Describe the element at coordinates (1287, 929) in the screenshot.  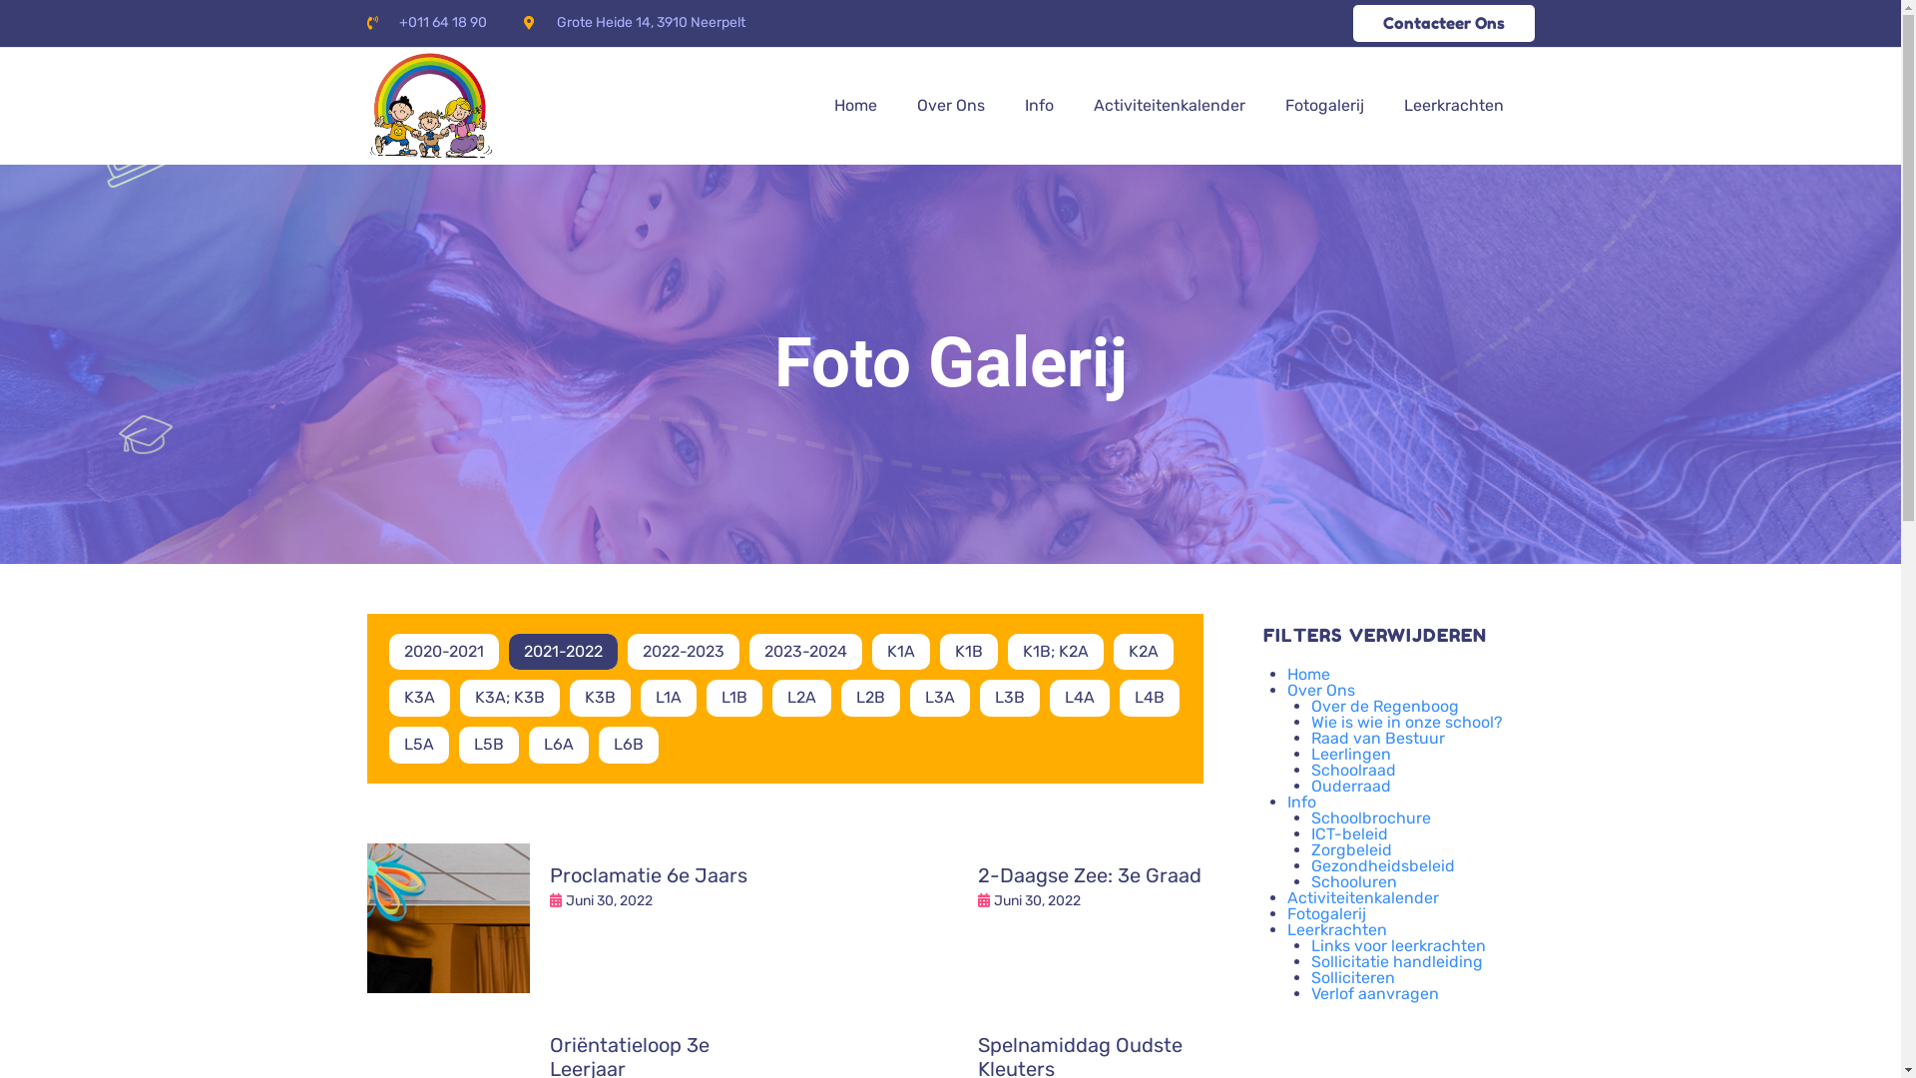
I see `'Leerkrachten'` at that location.